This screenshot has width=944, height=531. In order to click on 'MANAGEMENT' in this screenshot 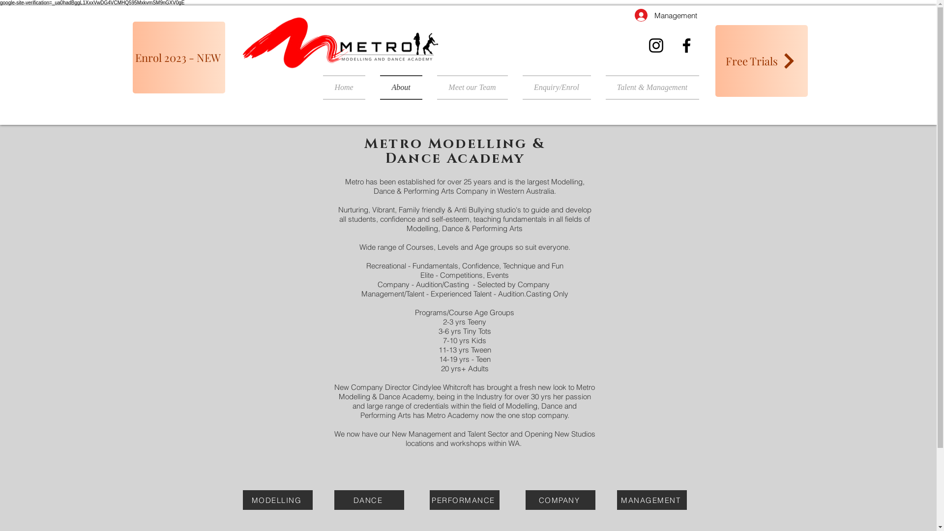, I will do `click(651, 500)`.